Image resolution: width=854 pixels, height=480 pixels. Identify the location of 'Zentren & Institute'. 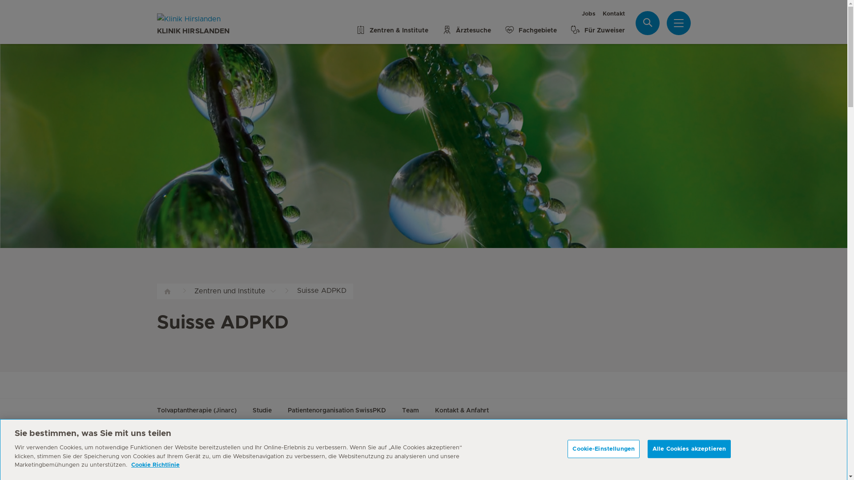
(391, 27).